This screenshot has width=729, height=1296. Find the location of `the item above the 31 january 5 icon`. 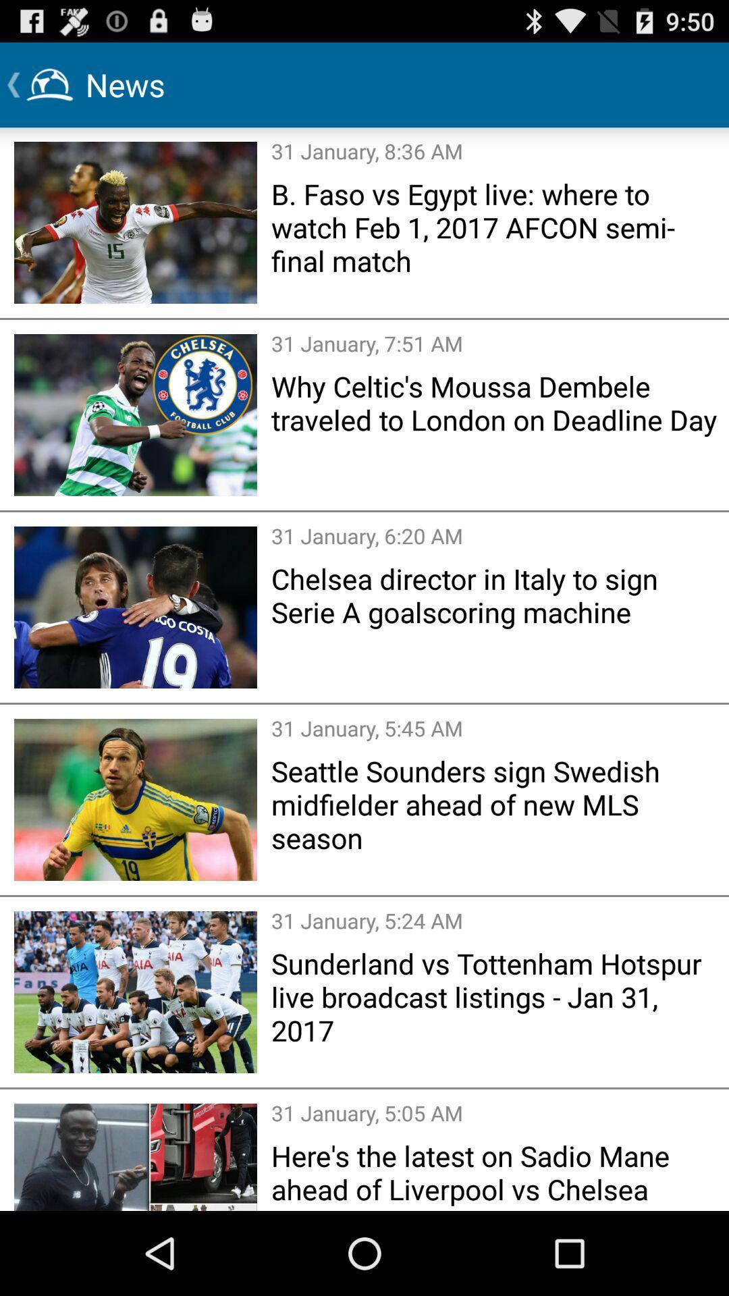

the item above the 31 january 5 icon is located at coordinates (495, 804).